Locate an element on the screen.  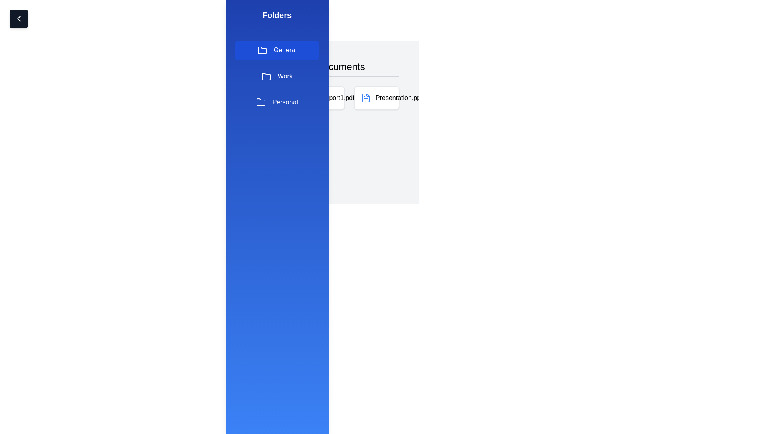
the 'Work' button with a blue background located in the left vertical navigation menu under 'Folders' to change its background color is located at coordinates (277, 76).